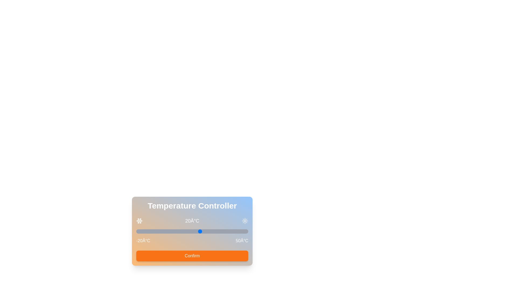 The image size is (517, 291). Describe the element at coordinates (211, 231) in the screenshot. I see `the temperature slider to 27°C` at that location.